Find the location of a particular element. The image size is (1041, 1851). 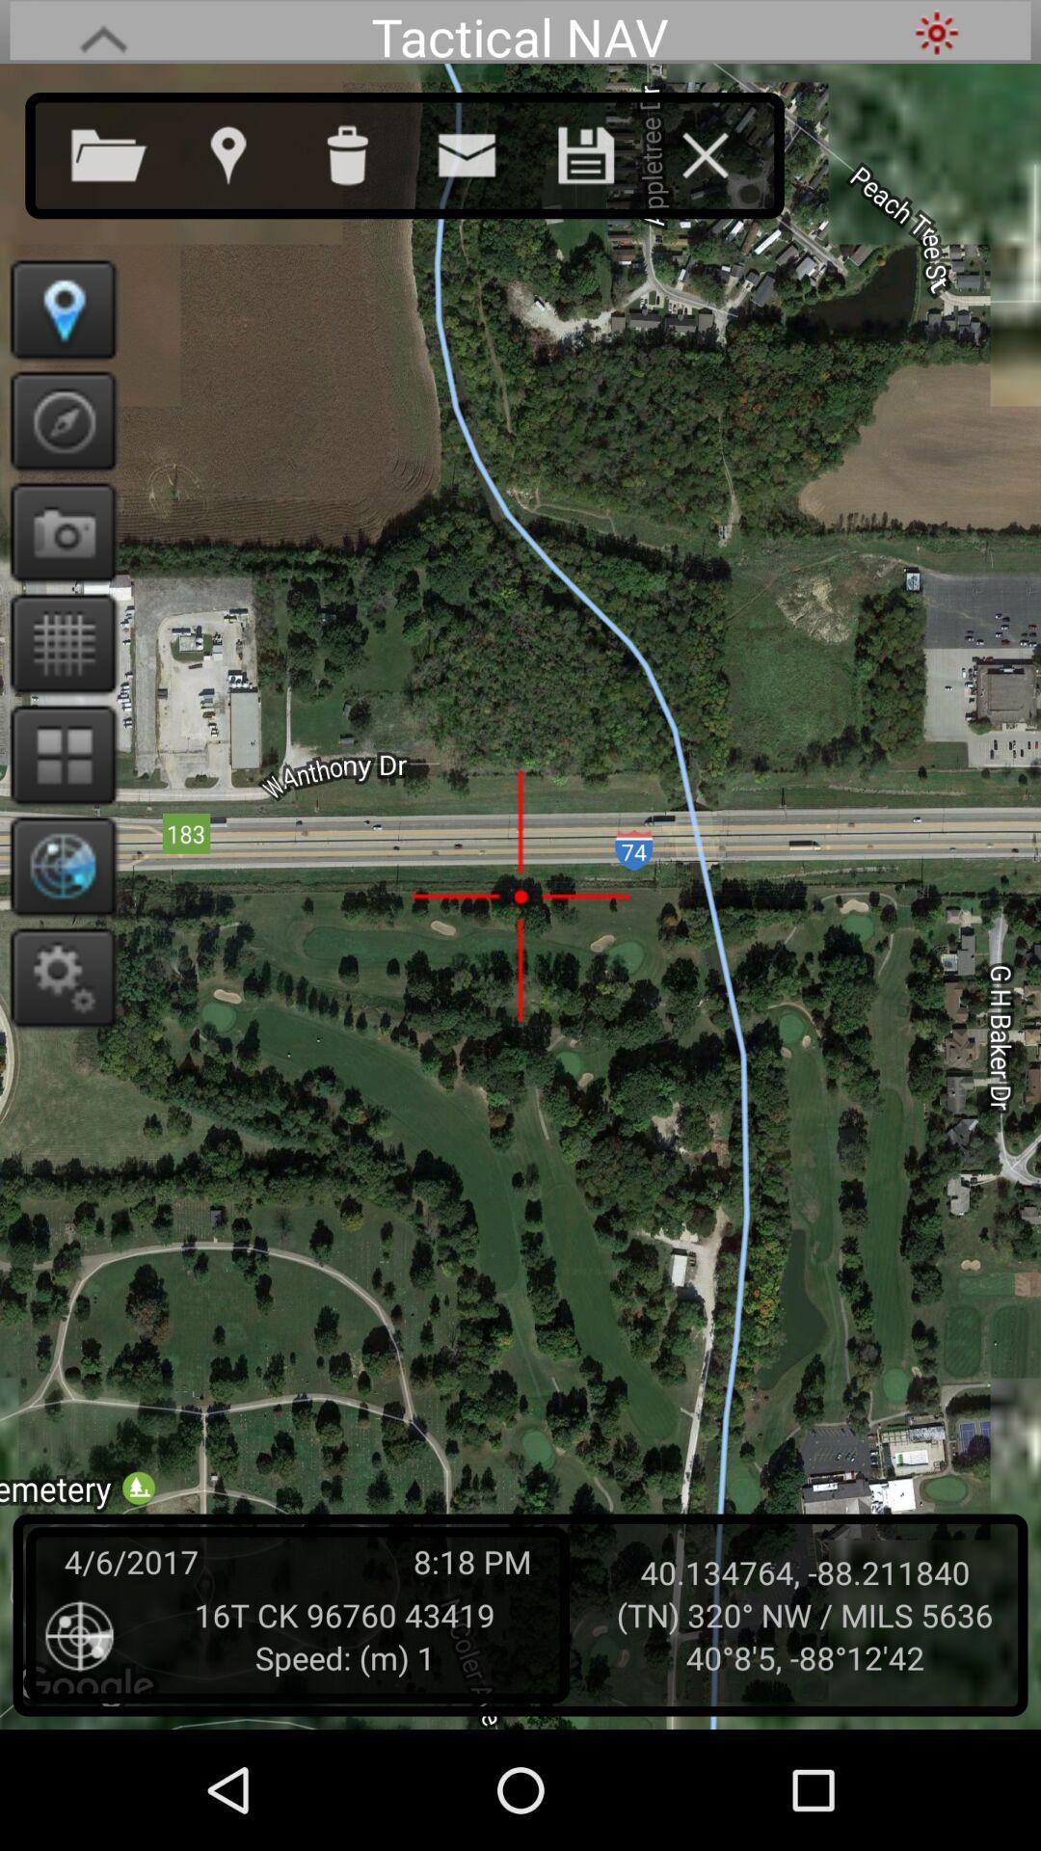

email the coordinates is located at coordinates (485, 150).